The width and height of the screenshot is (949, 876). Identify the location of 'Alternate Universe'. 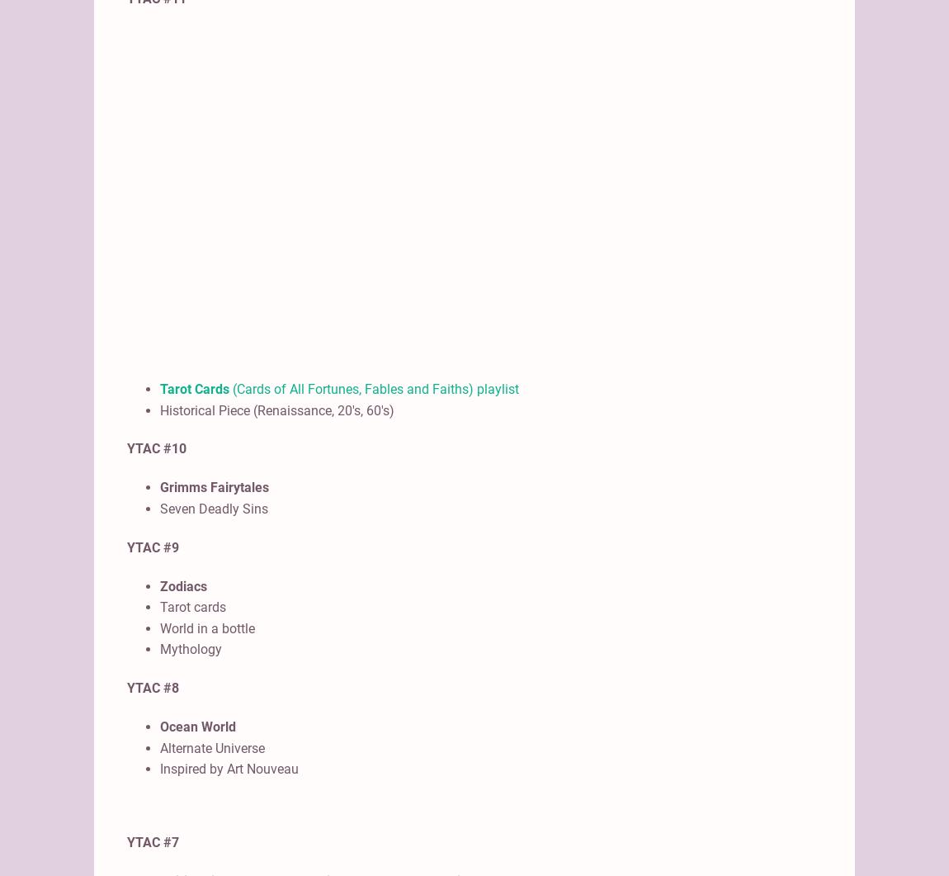
(211, 746).